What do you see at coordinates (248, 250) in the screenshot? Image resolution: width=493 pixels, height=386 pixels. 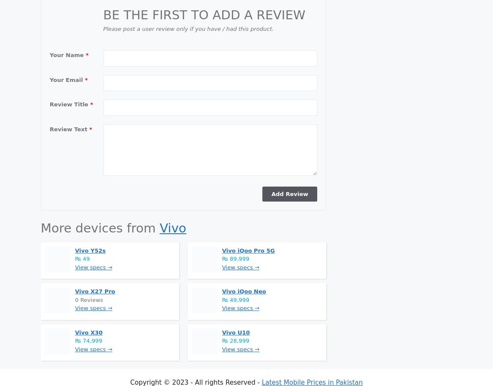 I see `'Vivo iQoo Pro 5G'` at bounding box center [248, 250].